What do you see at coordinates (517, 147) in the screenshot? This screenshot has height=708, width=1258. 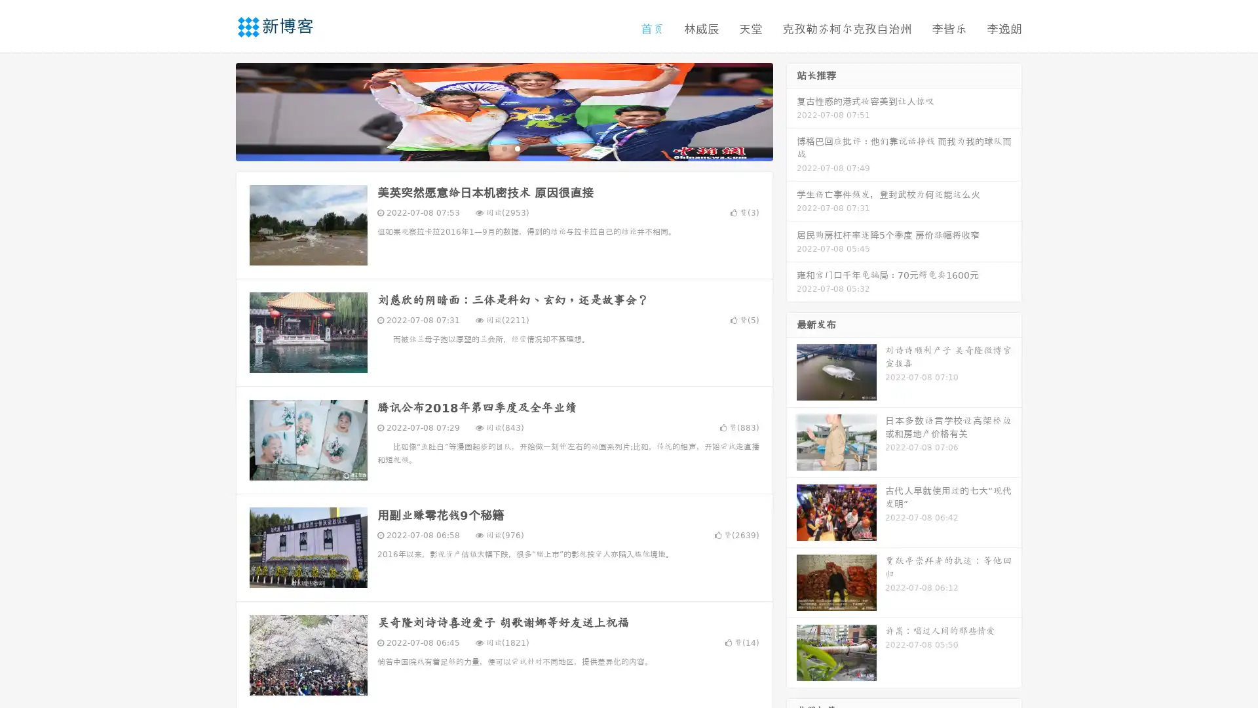 I see `Go to slide 3` at bounding box center [517, 147].